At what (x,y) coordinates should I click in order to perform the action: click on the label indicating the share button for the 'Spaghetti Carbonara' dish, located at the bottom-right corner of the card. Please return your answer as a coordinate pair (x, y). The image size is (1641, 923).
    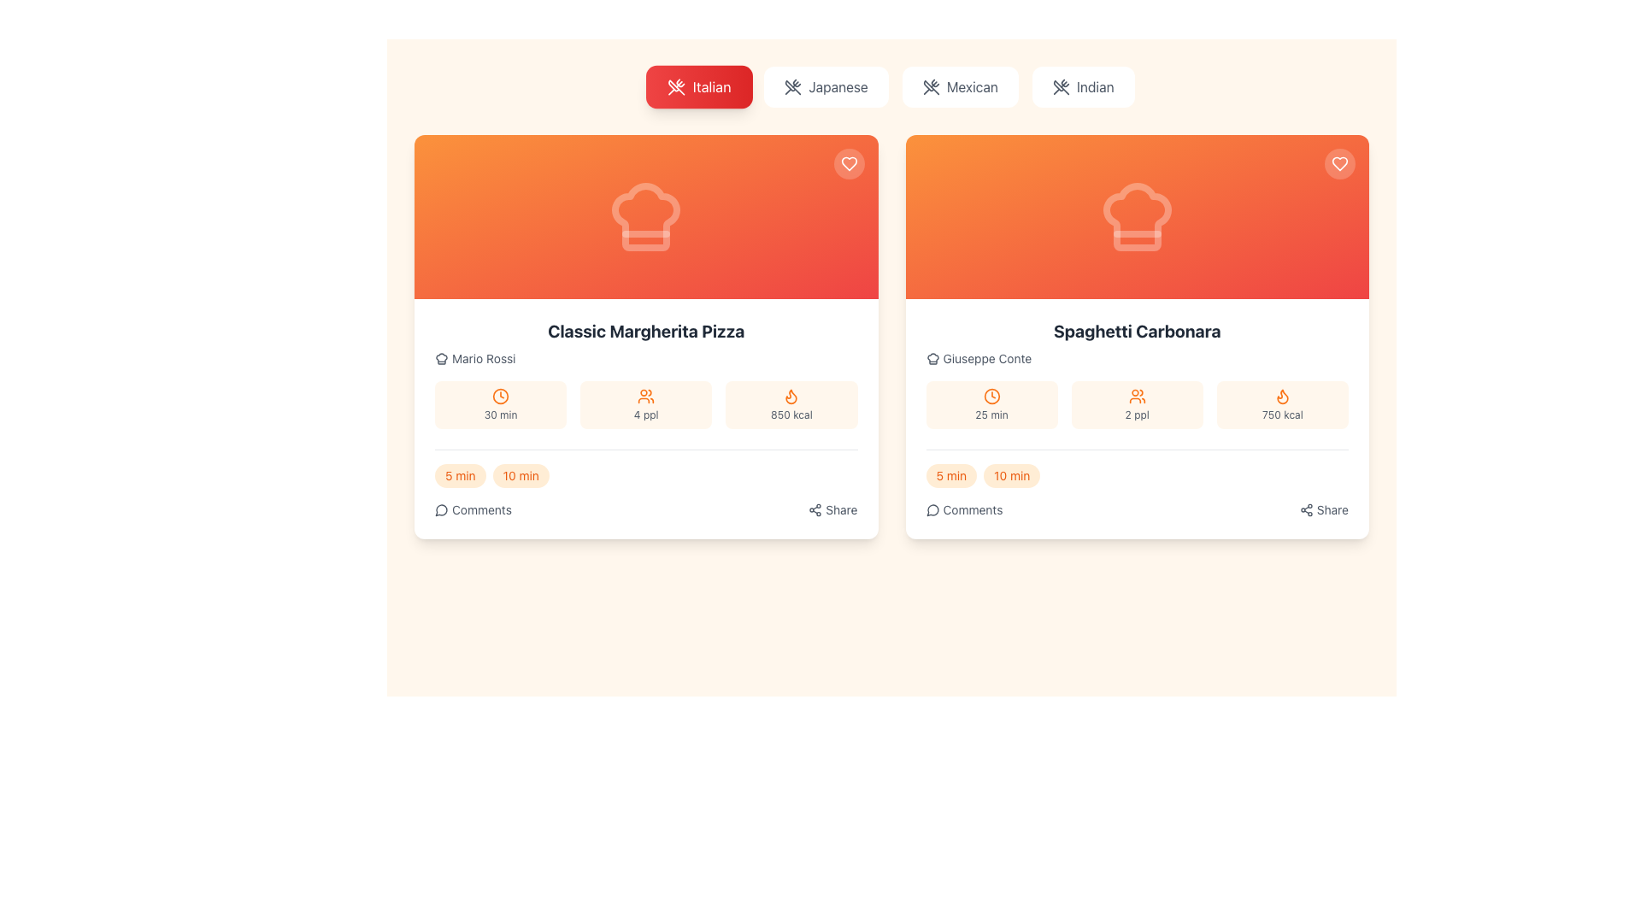
    Looking at the image, I should click on (1332, 509).